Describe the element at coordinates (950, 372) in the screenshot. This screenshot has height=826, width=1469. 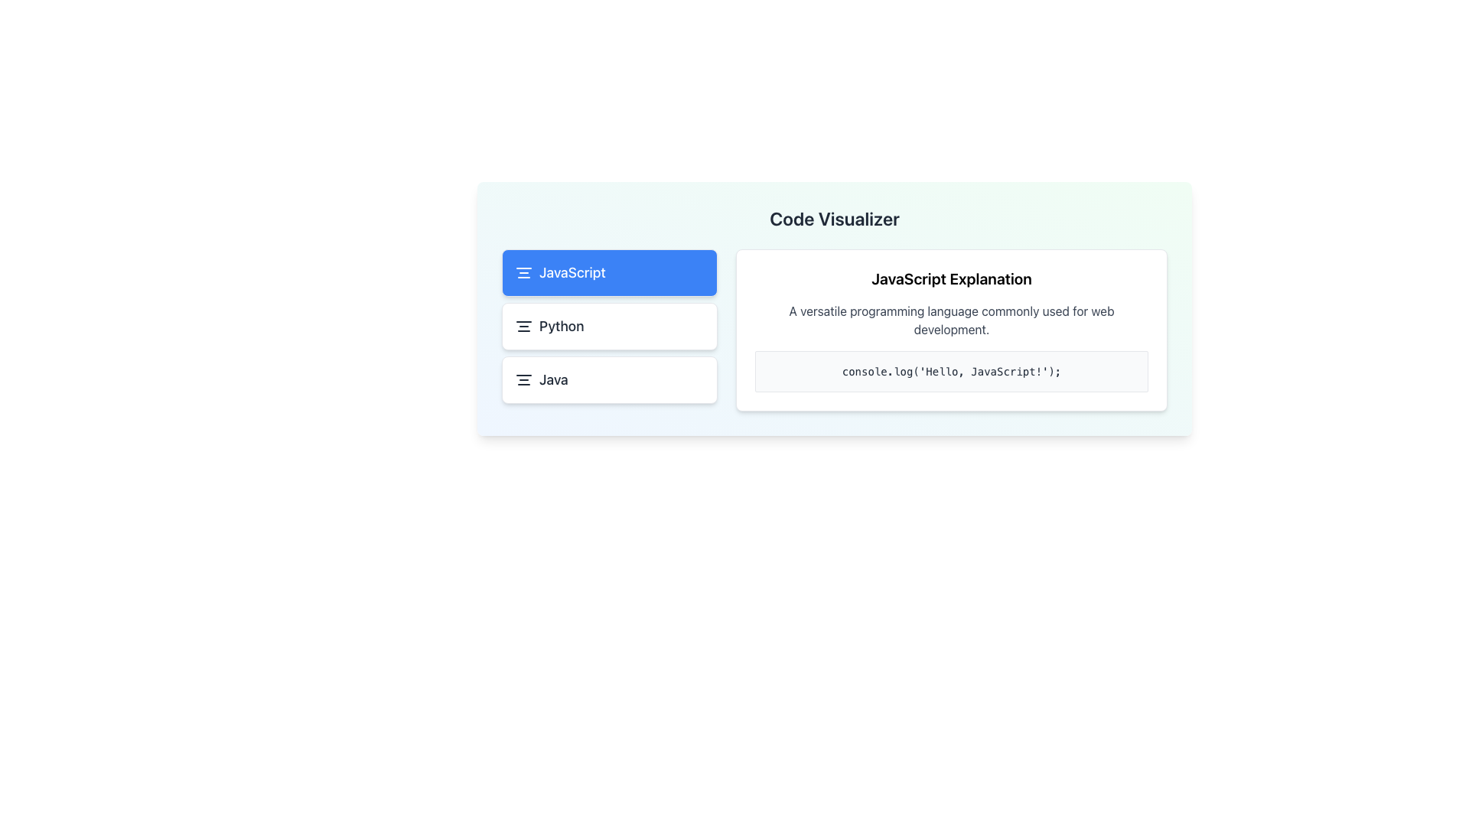
I see `the text 'console.log('Hello, JavaScript!');' displayed in a monospaced font within the light gray background box to copy it` at that location.